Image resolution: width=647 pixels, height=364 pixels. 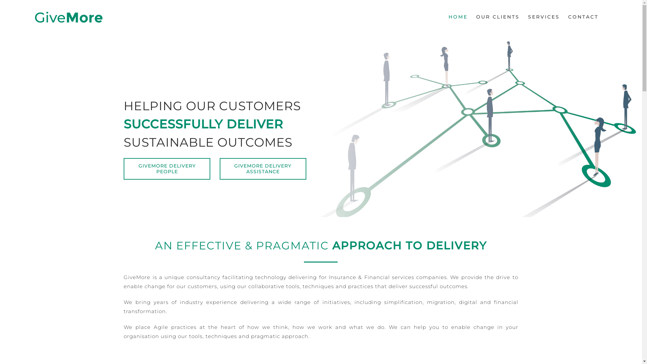 What do you see at coordinates (544, 16) in the screenshot?
I see `'SERVICES'` at bounding box center [544, 16].